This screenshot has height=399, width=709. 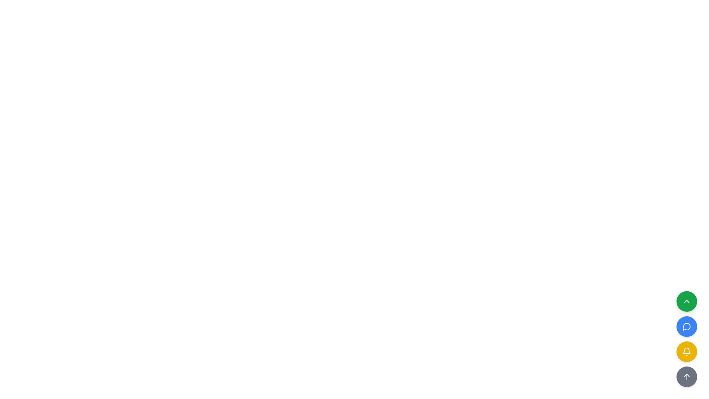 I want to click on the speech bubble icon button with a blue circular background, so click(x=686, y=326).